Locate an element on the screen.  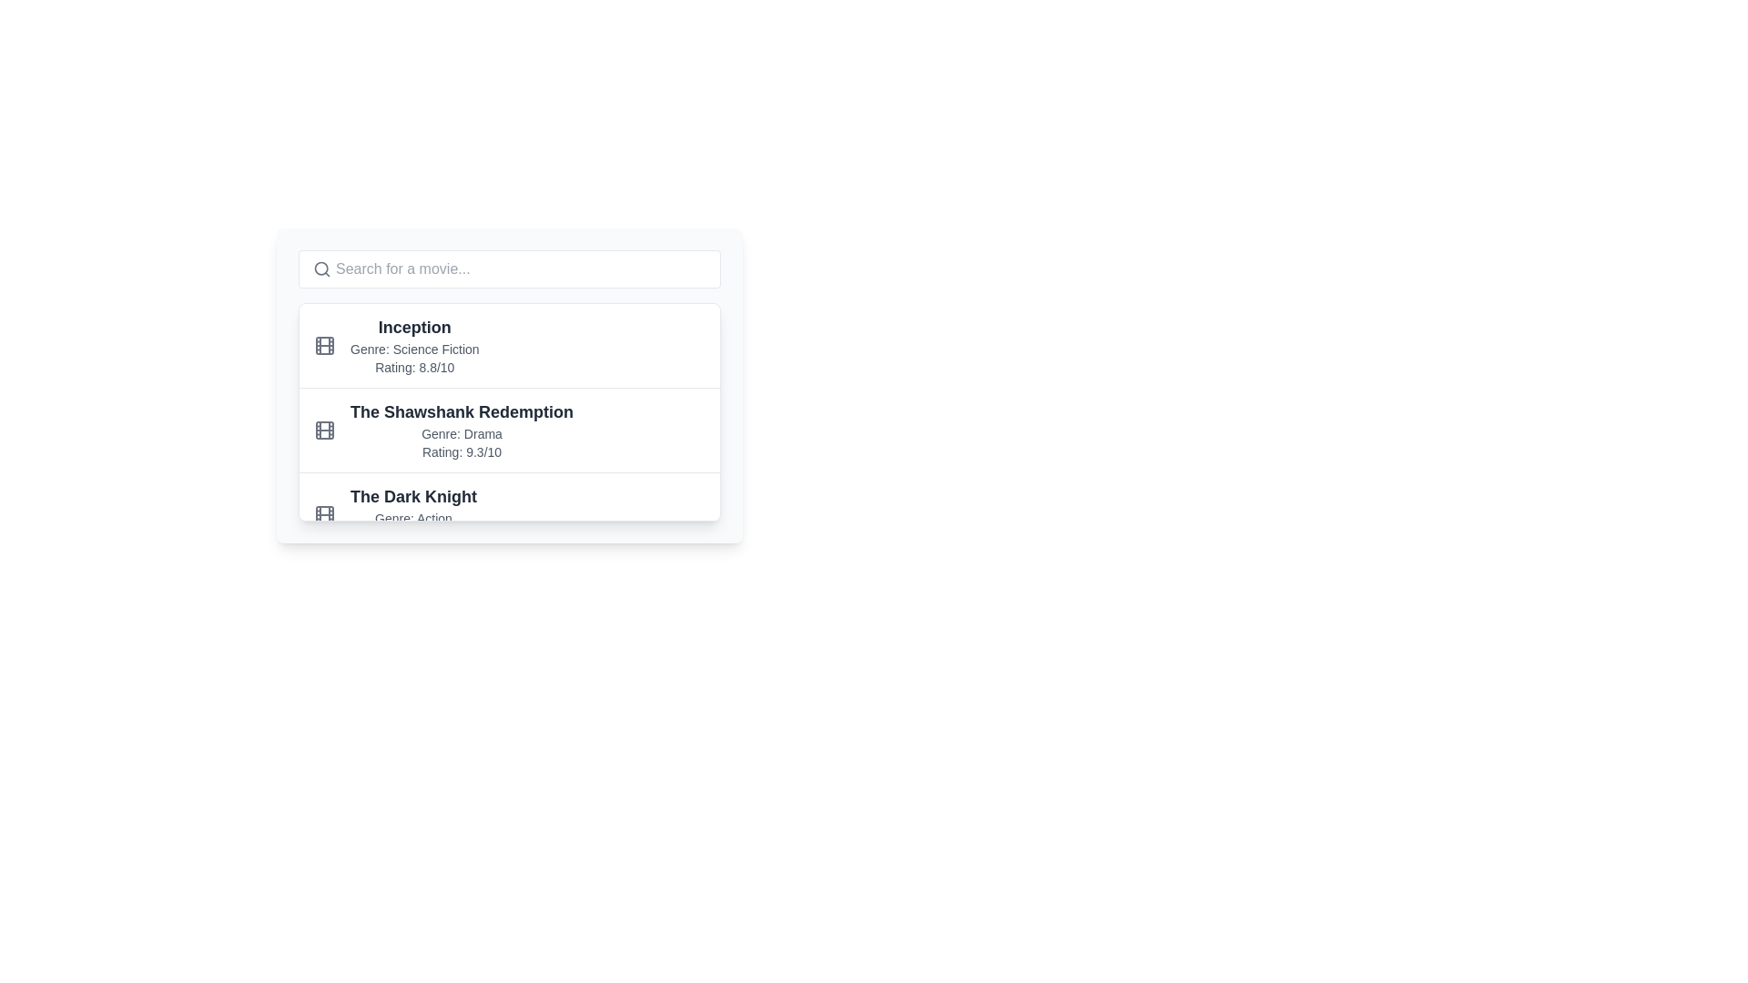
the label providing information about the movie 'The Shawshank Redemption', which is the second item in a dropdown menu, positioned below 'Inception' and above 'The Dark Knight' is located at coordinates (462, 431).